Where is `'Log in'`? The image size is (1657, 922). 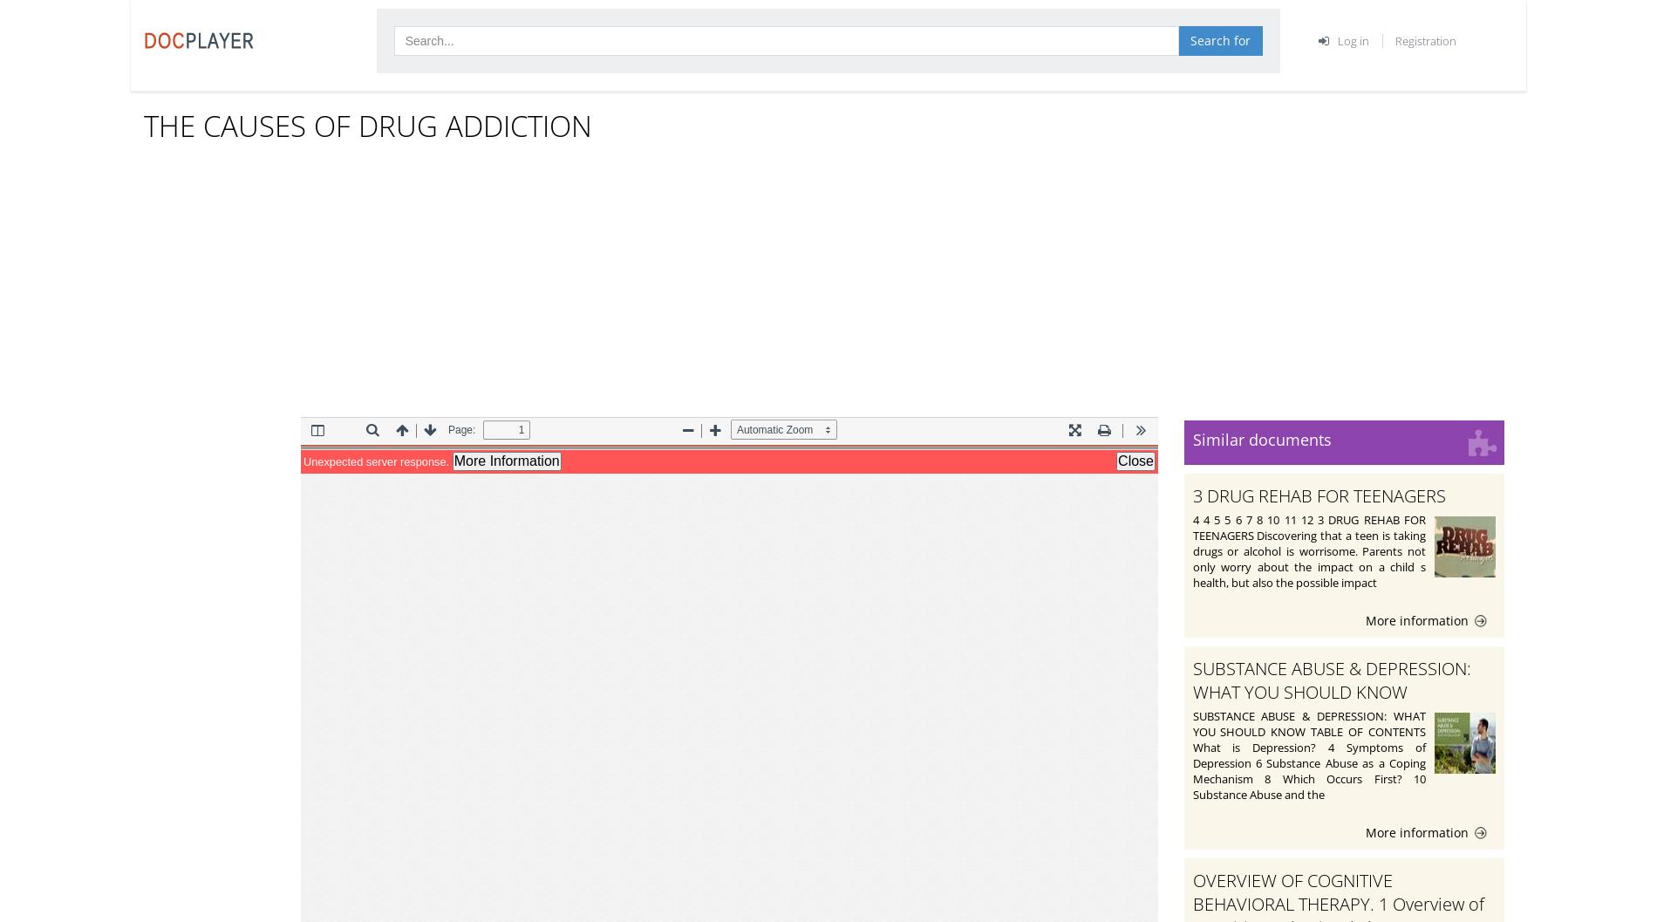
'Log in' is located at coordinates (1352, 39).